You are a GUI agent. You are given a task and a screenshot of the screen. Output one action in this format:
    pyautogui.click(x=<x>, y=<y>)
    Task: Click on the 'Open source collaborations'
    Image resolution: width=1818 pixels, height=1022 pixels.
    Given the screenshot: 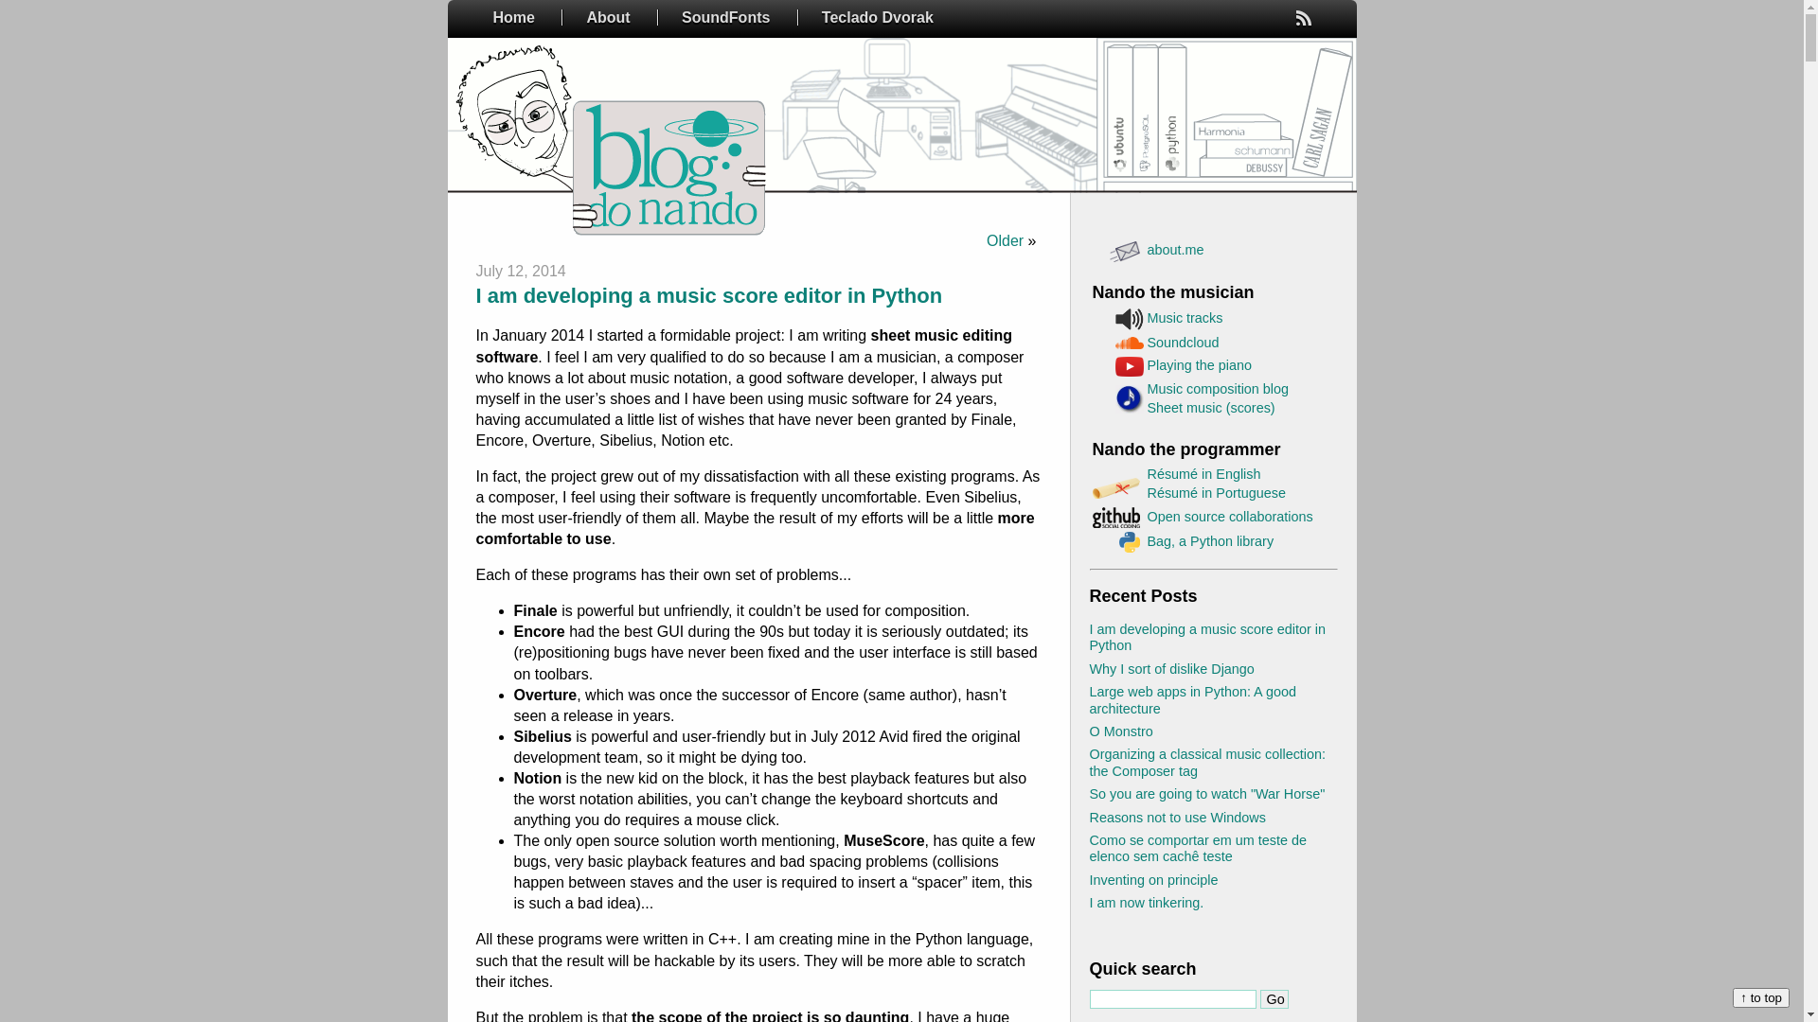 What is the action you would take?
    pyautogui.click(x=1230, y=517)
    